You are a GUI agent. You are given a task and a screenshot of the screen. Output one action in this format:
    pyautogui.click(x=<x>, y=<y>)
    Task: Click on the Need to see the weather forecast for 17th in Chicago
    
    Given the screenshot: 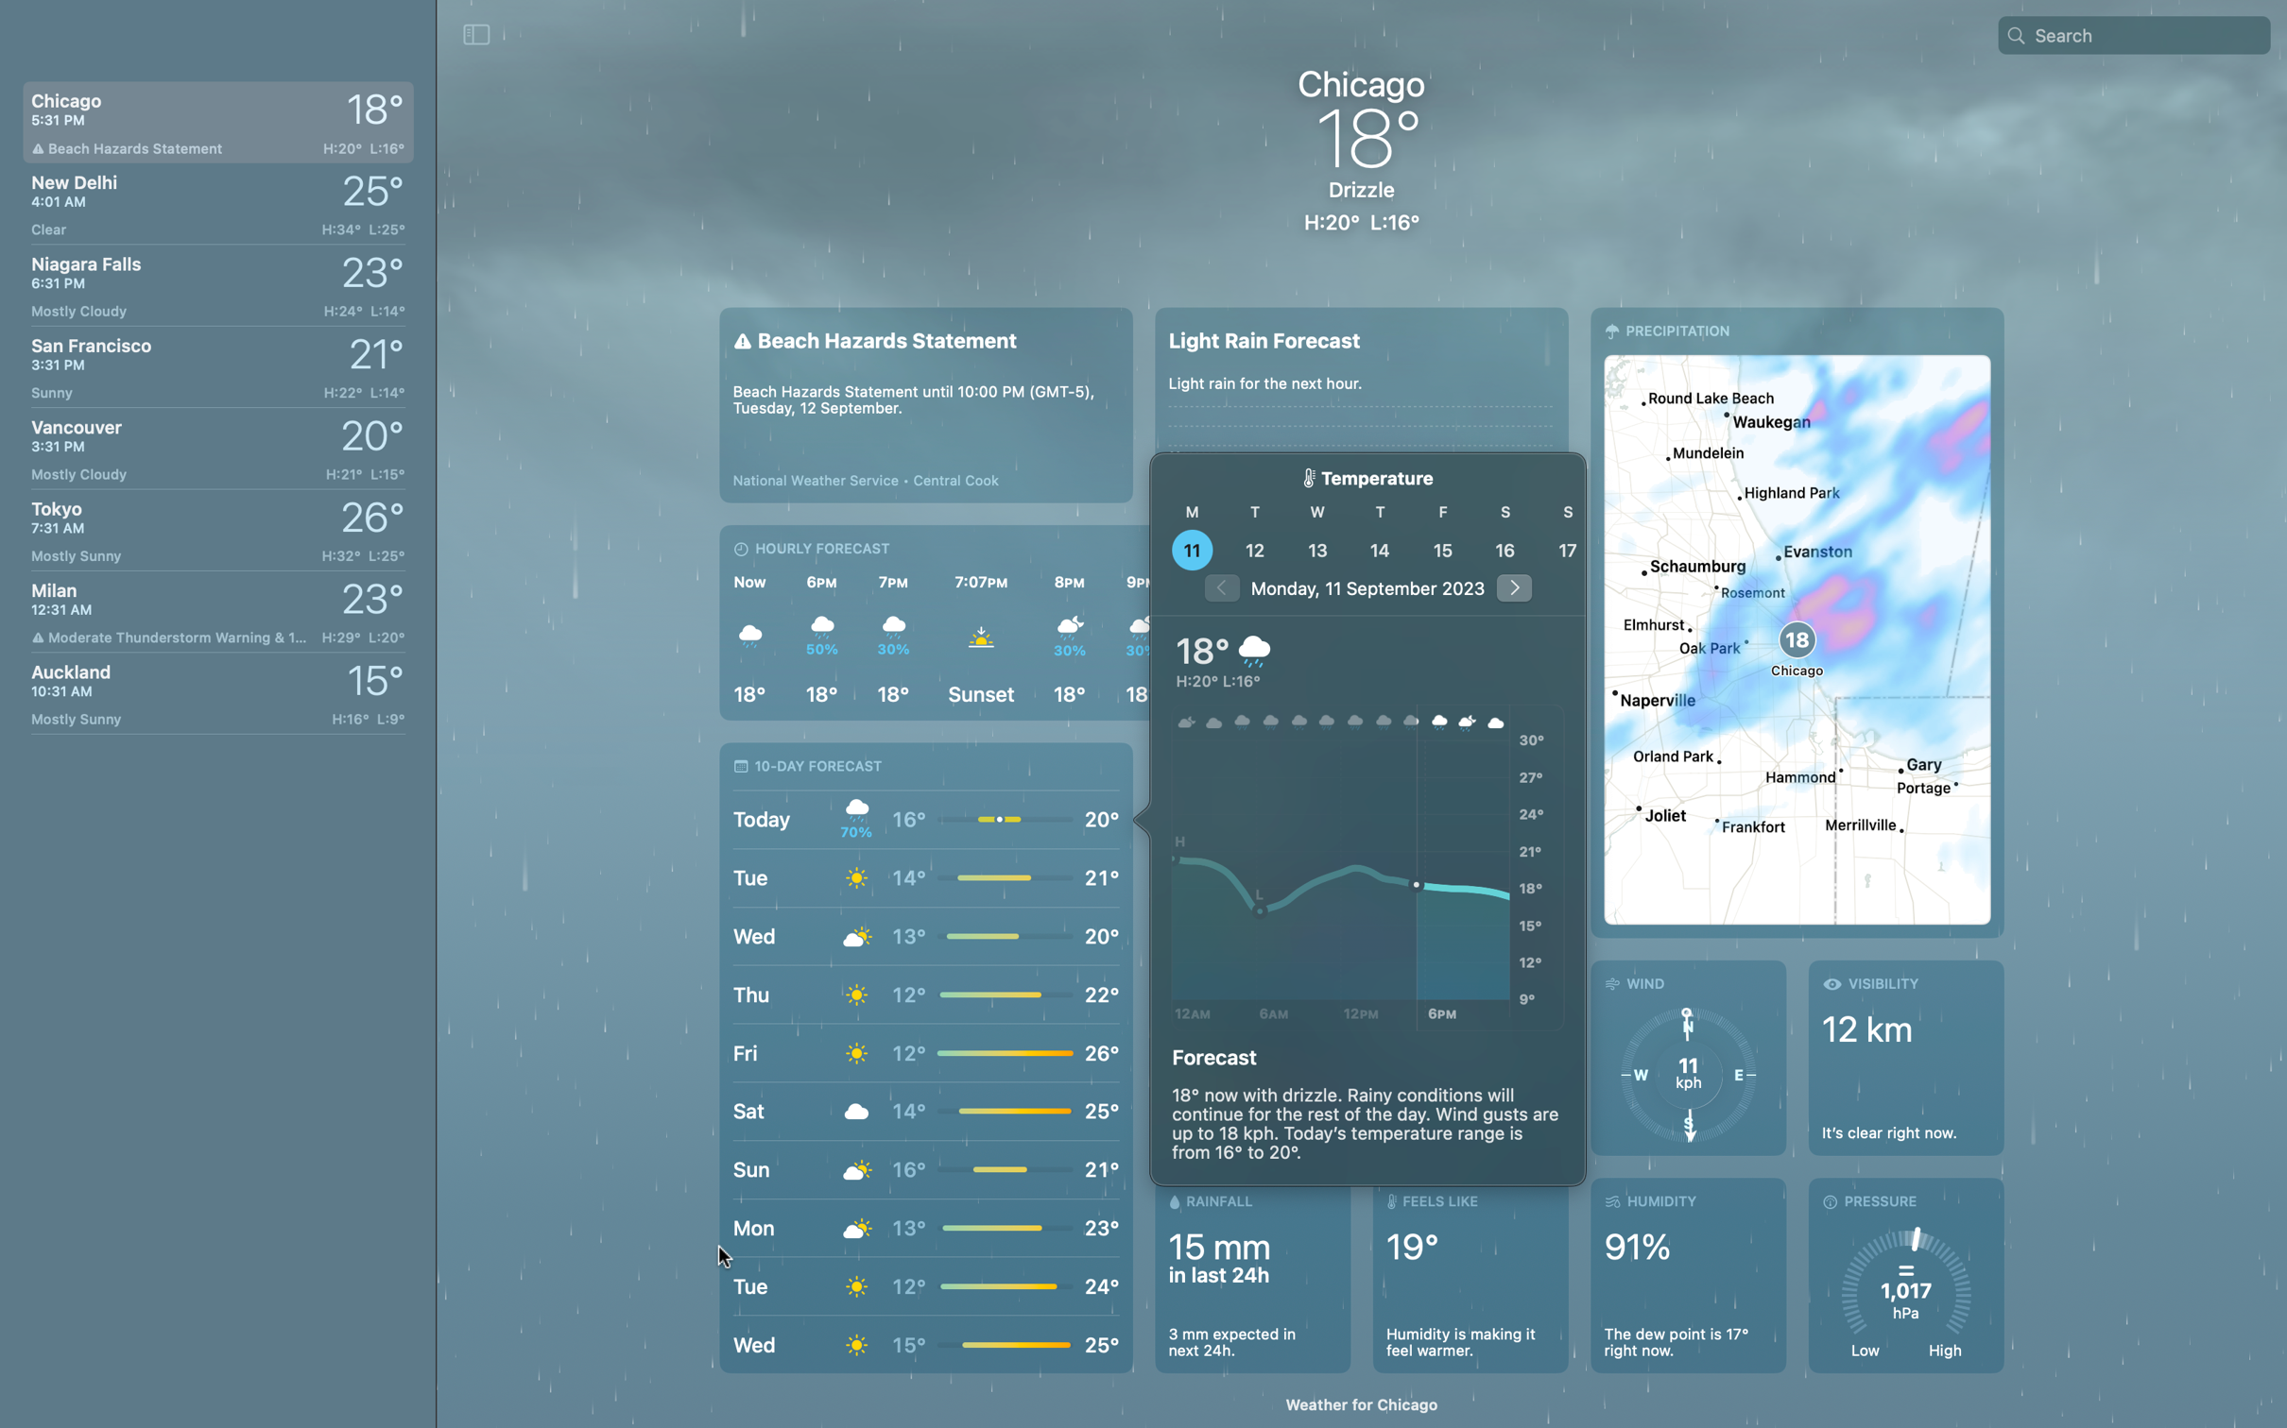 What is the action you would take?
    pyautogui.click(x=1562, y=549)
    